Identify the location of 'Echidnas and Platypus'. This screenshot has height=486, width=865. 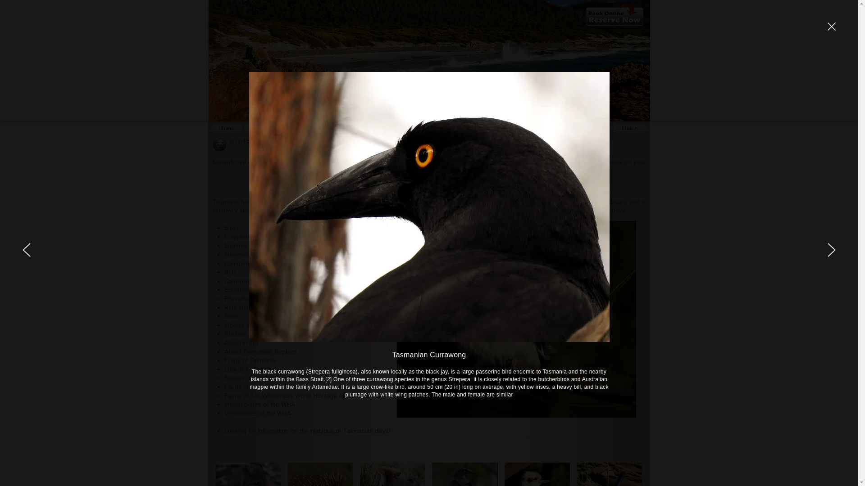
(255, 289).